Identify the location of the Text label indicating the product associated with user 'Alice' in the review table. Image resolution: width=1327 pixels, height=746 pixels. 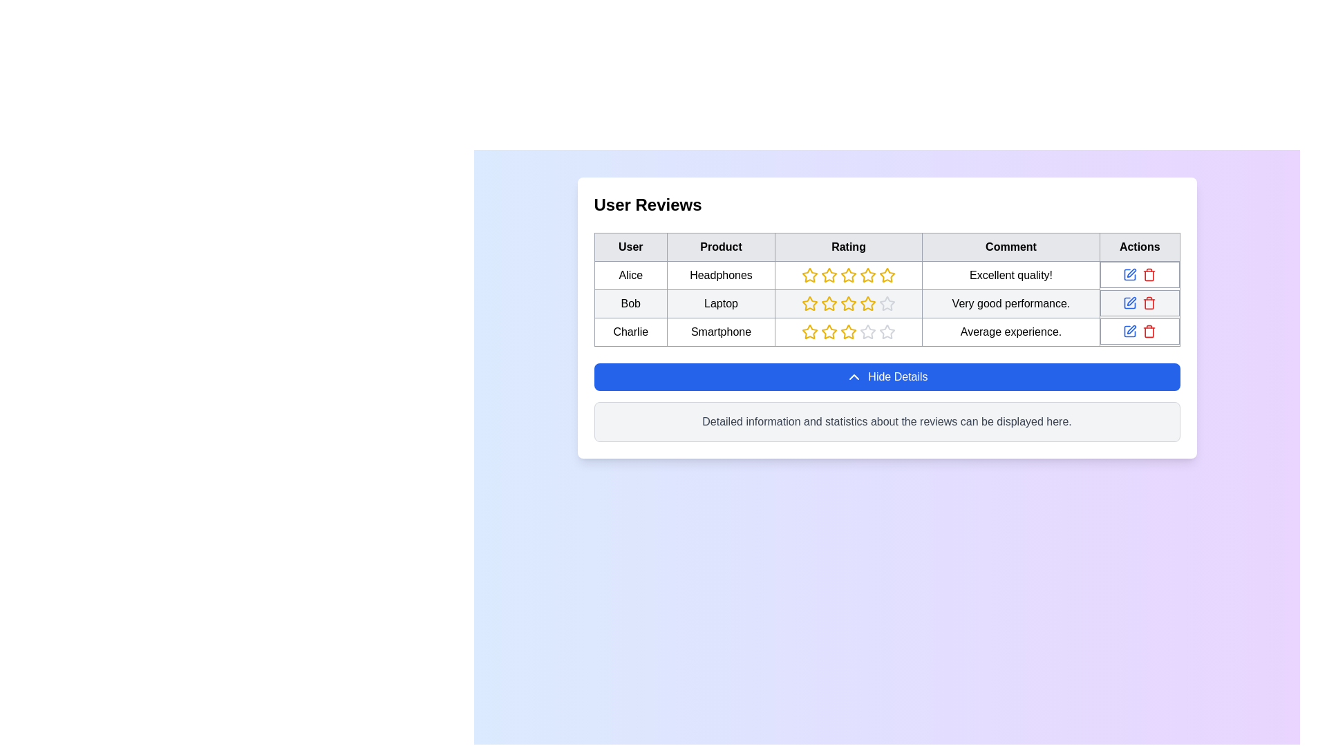
(720, 275).